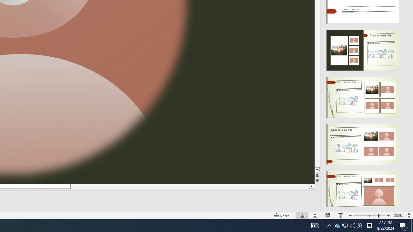 This screenshot has height=232, width=413. What do you see at coordinates (340, 216) in the screenshot?
I see `'Slide Show'` at bounding box center [340, 216].